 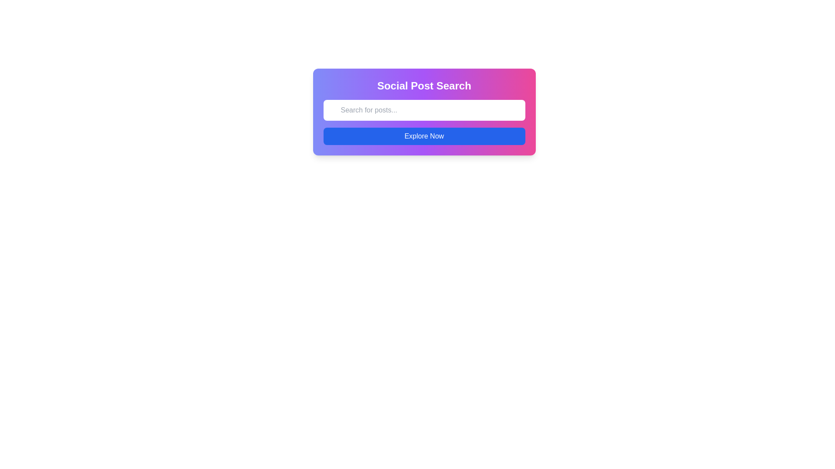 I want to click on the magnifying glass icon, which is styled in white and located on the left side of the search input box under 'Social Post Search', so click(x=332, y=103).